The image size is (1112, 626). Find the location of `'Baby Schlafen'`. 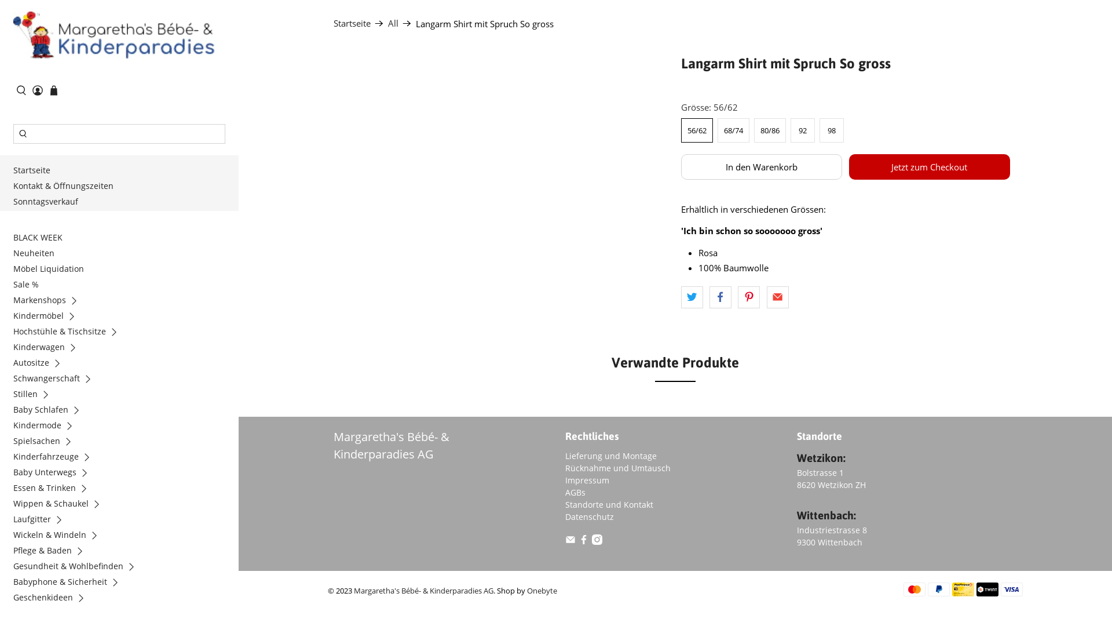

'Baby Schlafen' is located at coordinates (49, 410).